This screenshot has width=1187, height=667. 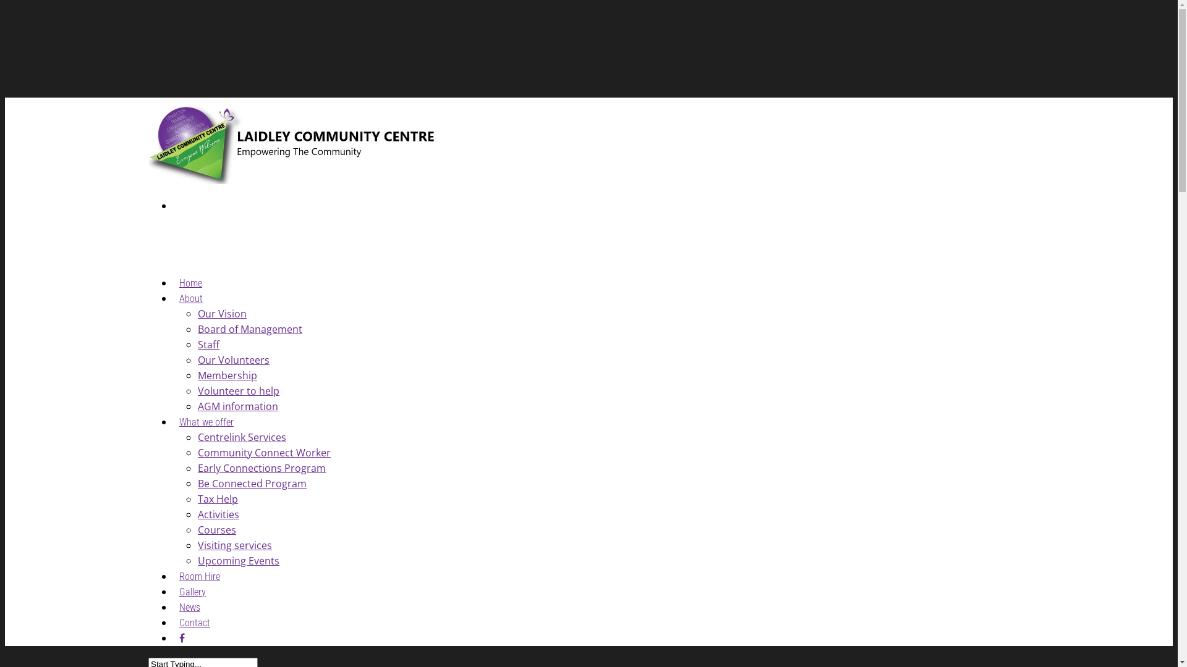 I want to click on 'Visiting services', so click(x=234, y=545).